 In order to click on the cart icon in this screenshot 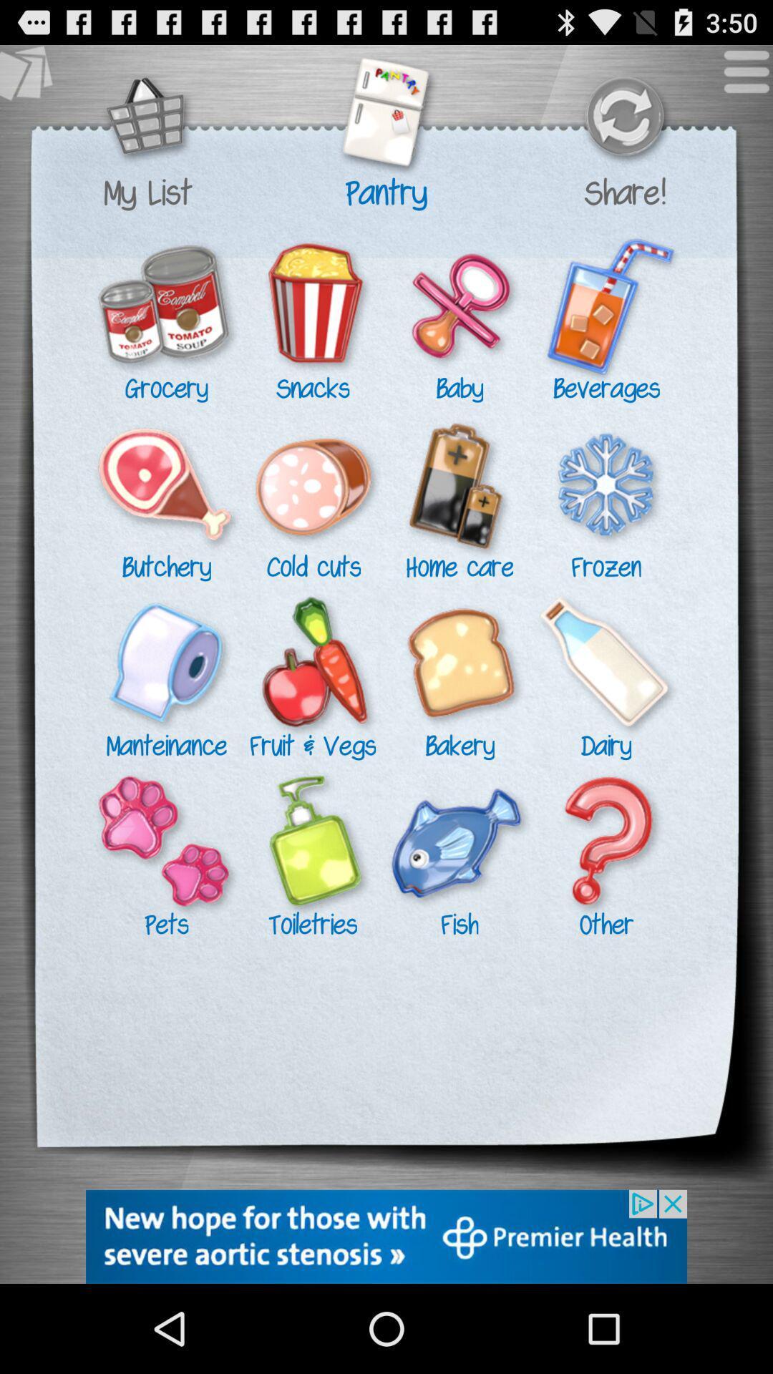, I will do `click(147, 127)`.